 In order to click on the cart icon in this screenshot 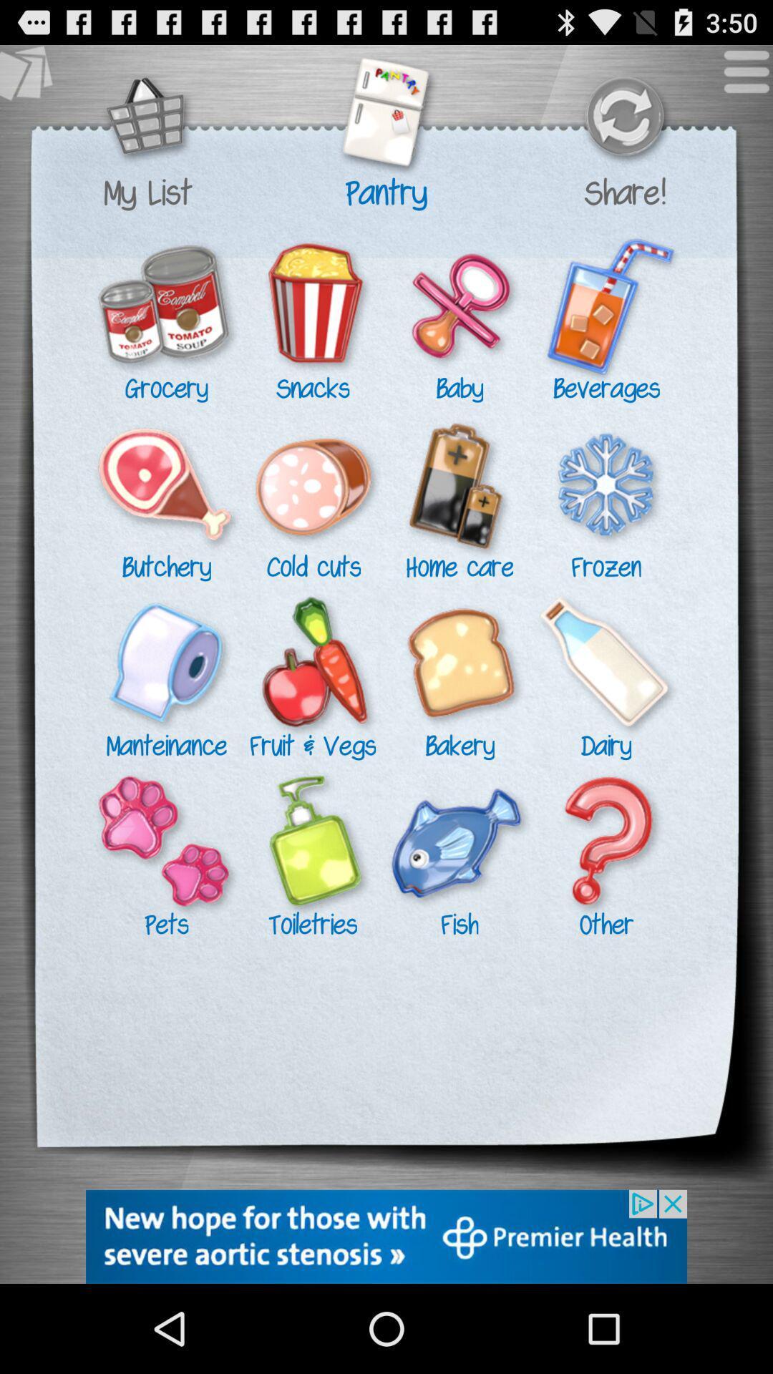, I will do `click(147, 127)`.